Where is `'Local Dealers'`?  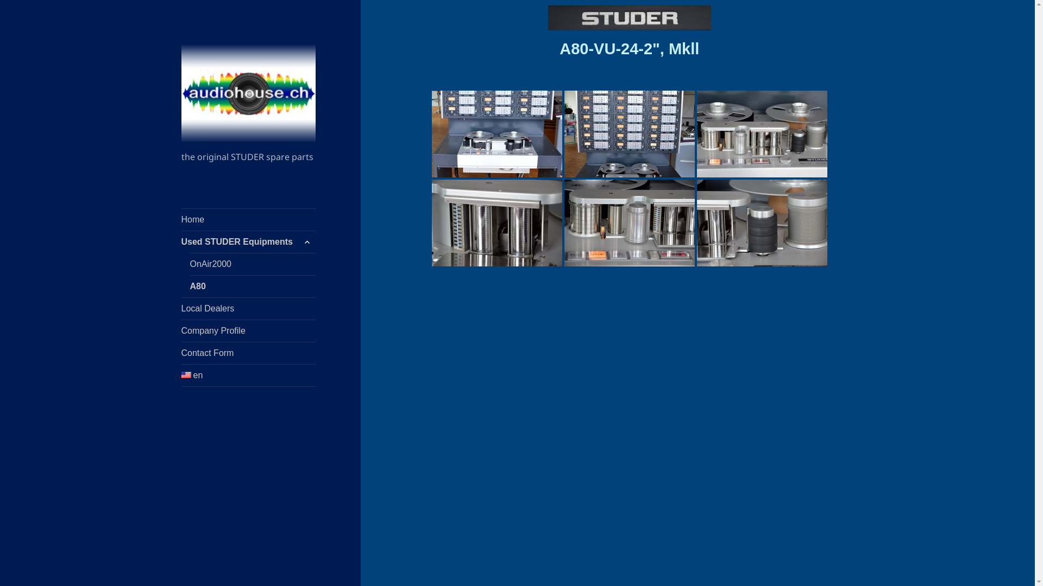 'Local Dealers' is located at coordinates (248, 309).